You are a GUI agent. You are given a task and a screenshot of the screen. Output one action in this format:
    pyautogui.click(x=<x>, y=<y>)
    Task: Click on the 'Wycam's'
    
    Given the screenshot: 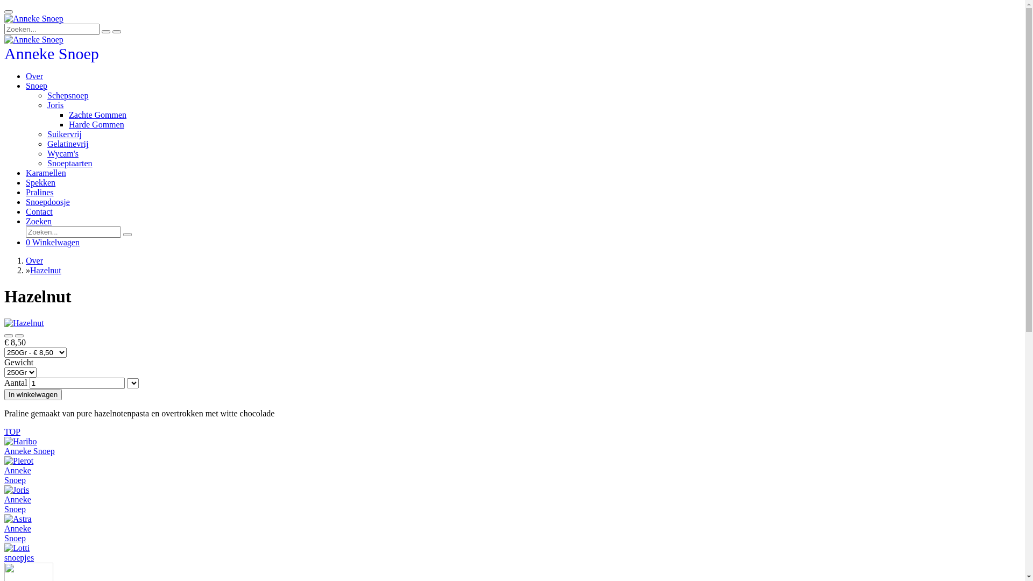 What is the action you would take?
    pyautogui.click(x=62, y=153)
    